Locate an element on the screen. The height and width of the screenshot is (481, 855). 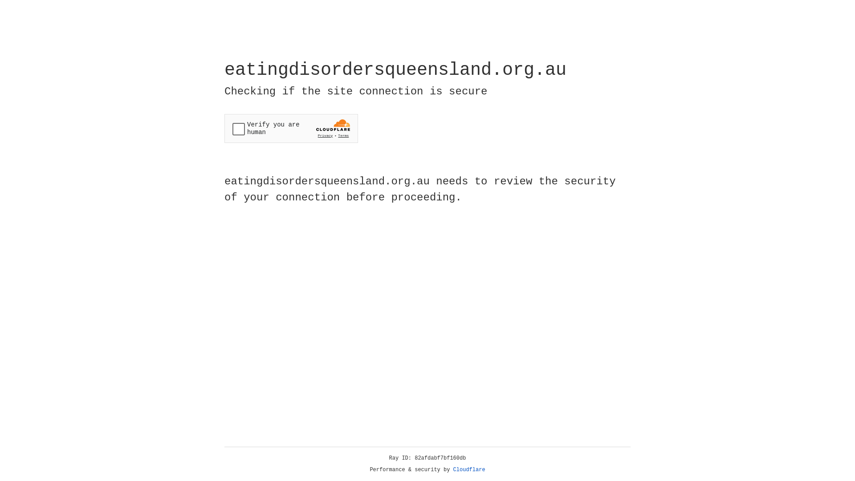
'Cloudflare' is located at coordinates (469, 469).